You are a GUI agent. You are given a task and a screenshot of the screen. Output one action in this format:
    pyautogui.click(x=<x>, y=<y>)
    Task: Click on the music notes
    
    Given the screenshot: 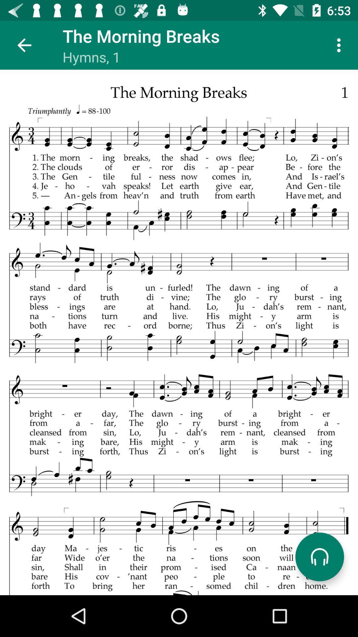 What is the action you would take?
    pyautogui.click(x=179, y=332)
    